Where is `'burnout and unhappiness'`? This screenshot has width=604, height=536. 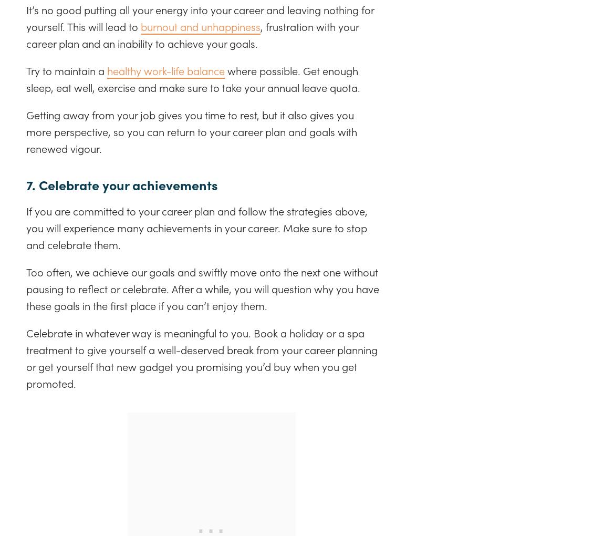
'burnout and unhappiness' is located at coordinates (201, 25).